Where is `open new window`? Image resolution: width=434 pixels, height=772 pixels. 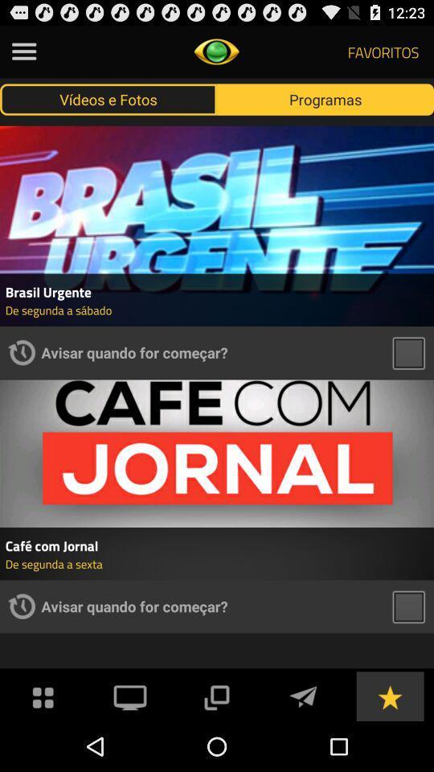
open new window is located at coordinates (216, 695).